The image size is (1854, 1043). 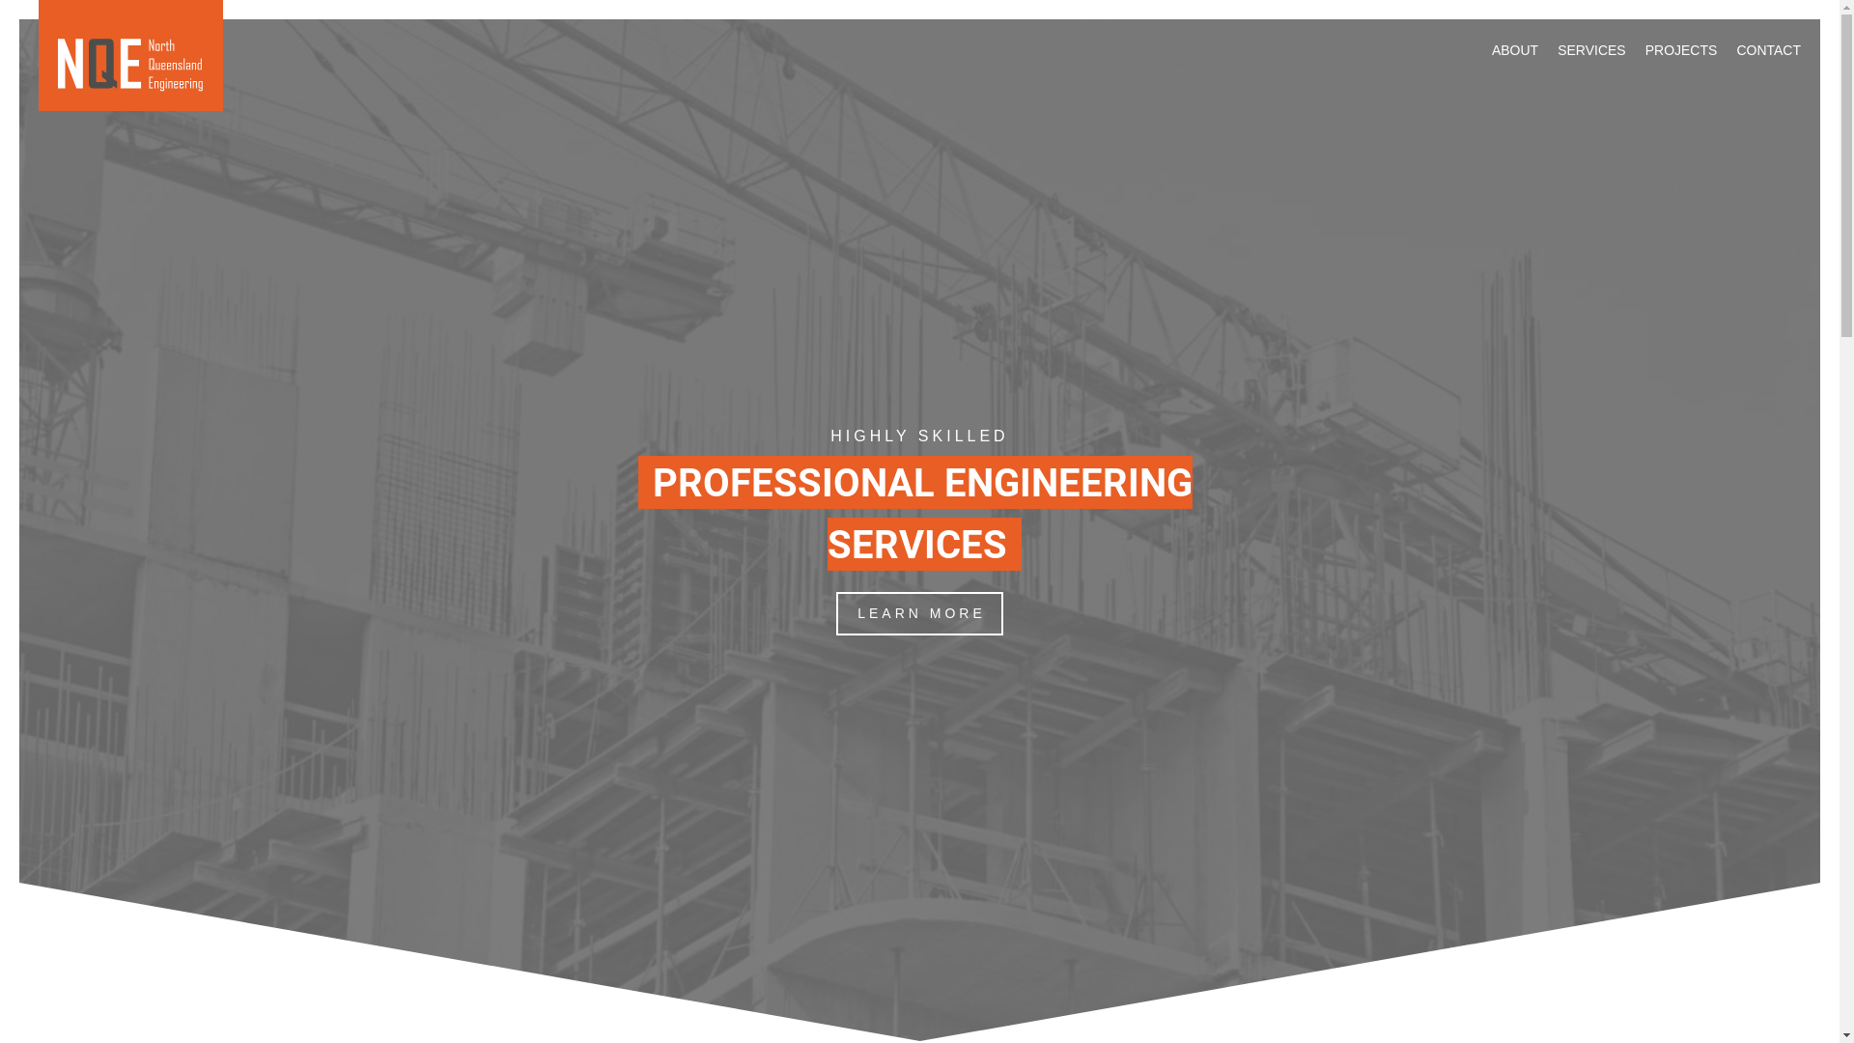 What do you see at coordinates (1680, 48) in the screenshot?
I see `'PROJECTS'` at bounding box center [1680, 48].